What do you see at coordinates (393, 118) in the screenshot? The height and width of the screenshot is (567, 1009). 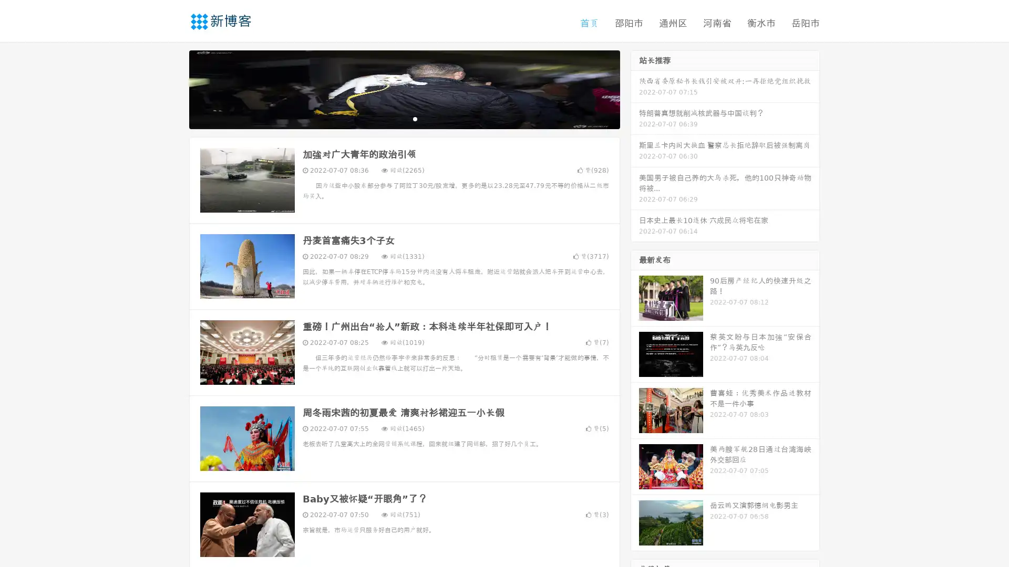 I see `Go to slide 1` at bounding box center [393, 118].